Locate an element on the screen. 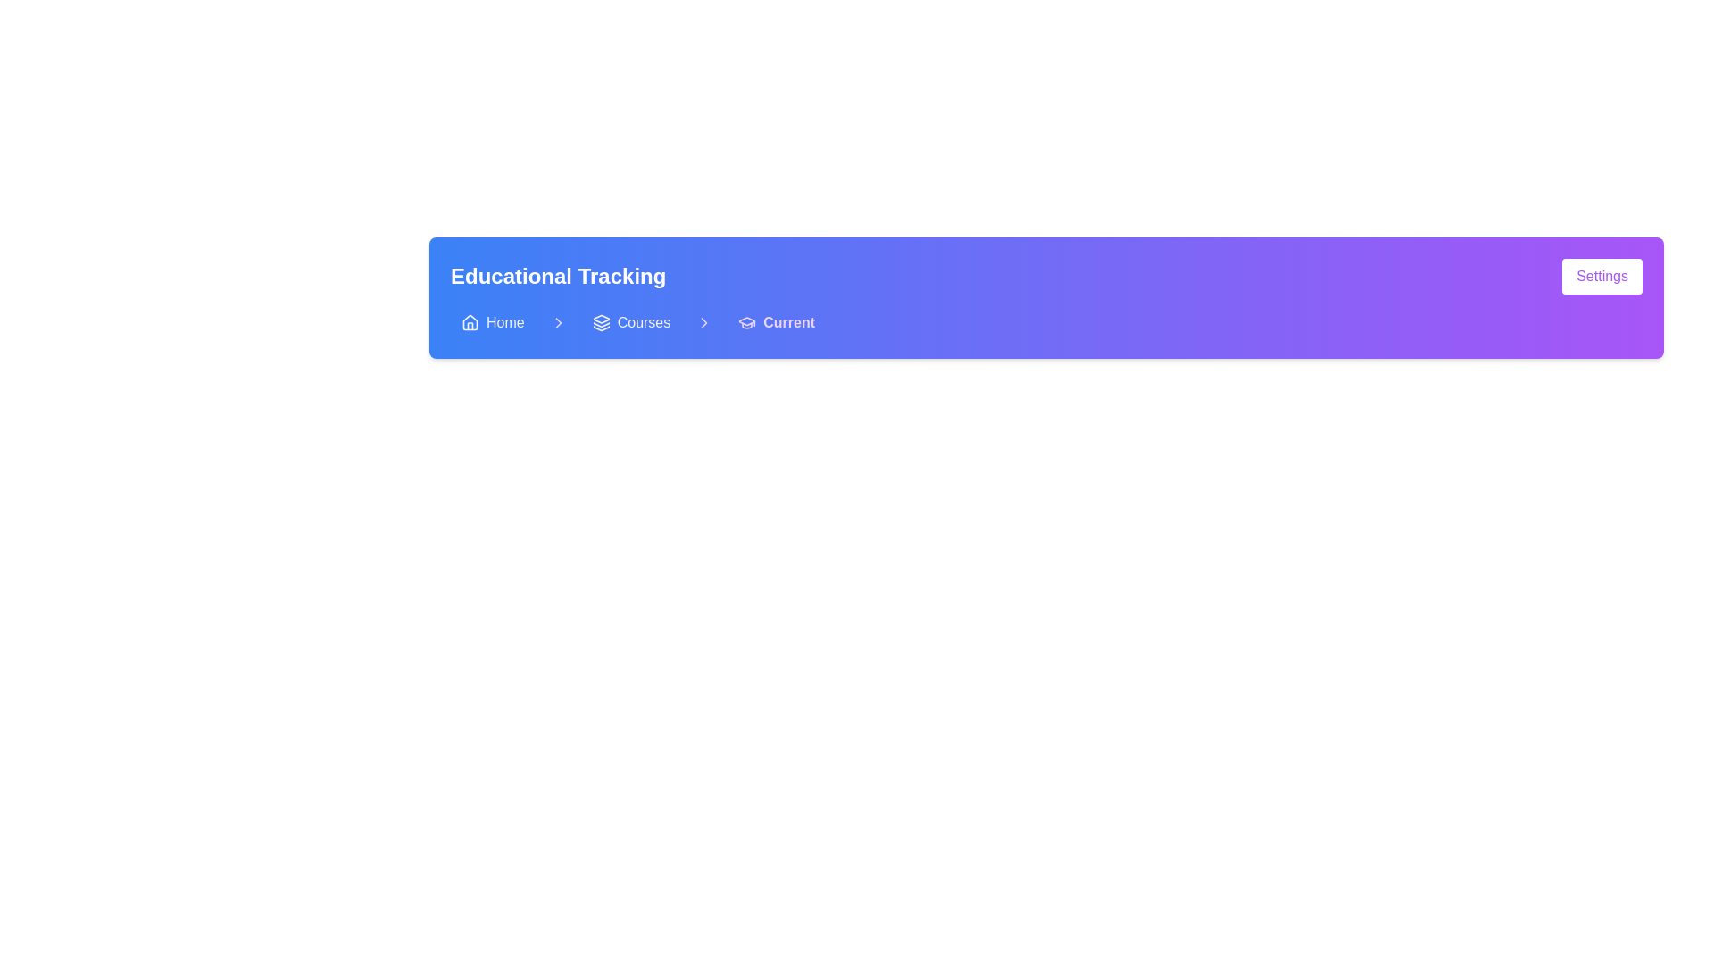 The height and width of the screenshot is (964, 1714). the right-facing chevron arrow element that separates the 'Courses' and 'Current' labels in the breadcrumb navigation bar is located at coordinates (703, 323).